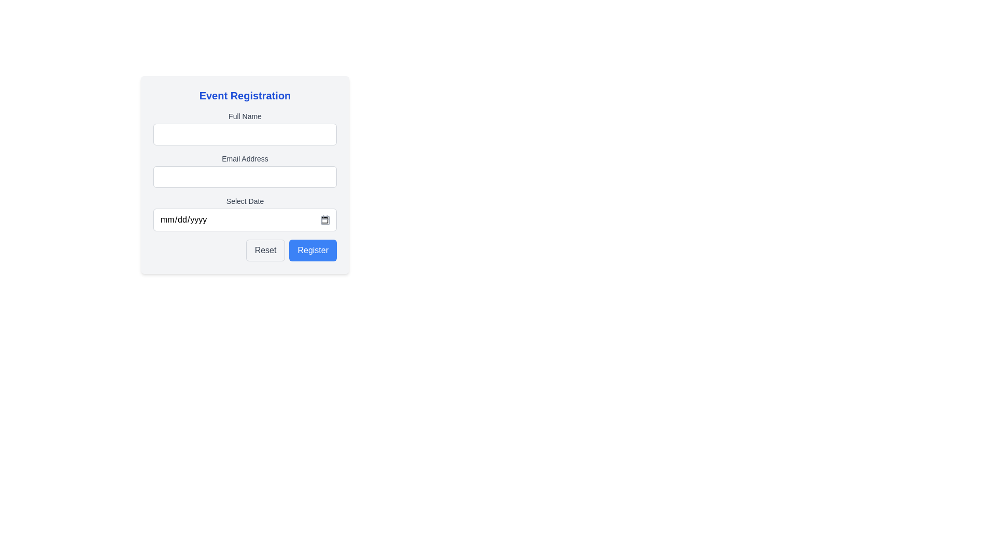 The width and height of the screenshot is (995, 559). Describe the element at coordinates (245, 116) in the screenshot. I see `the 'Full Name' label, which is a medium-sized gray text label positioned above the input field for entering the full name in the registration form` at that location.